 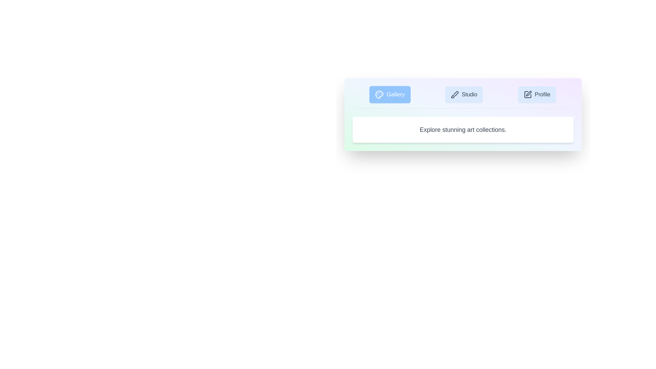 I want to click on the Studio tab to switch the active content, so click(x=464, y=95).